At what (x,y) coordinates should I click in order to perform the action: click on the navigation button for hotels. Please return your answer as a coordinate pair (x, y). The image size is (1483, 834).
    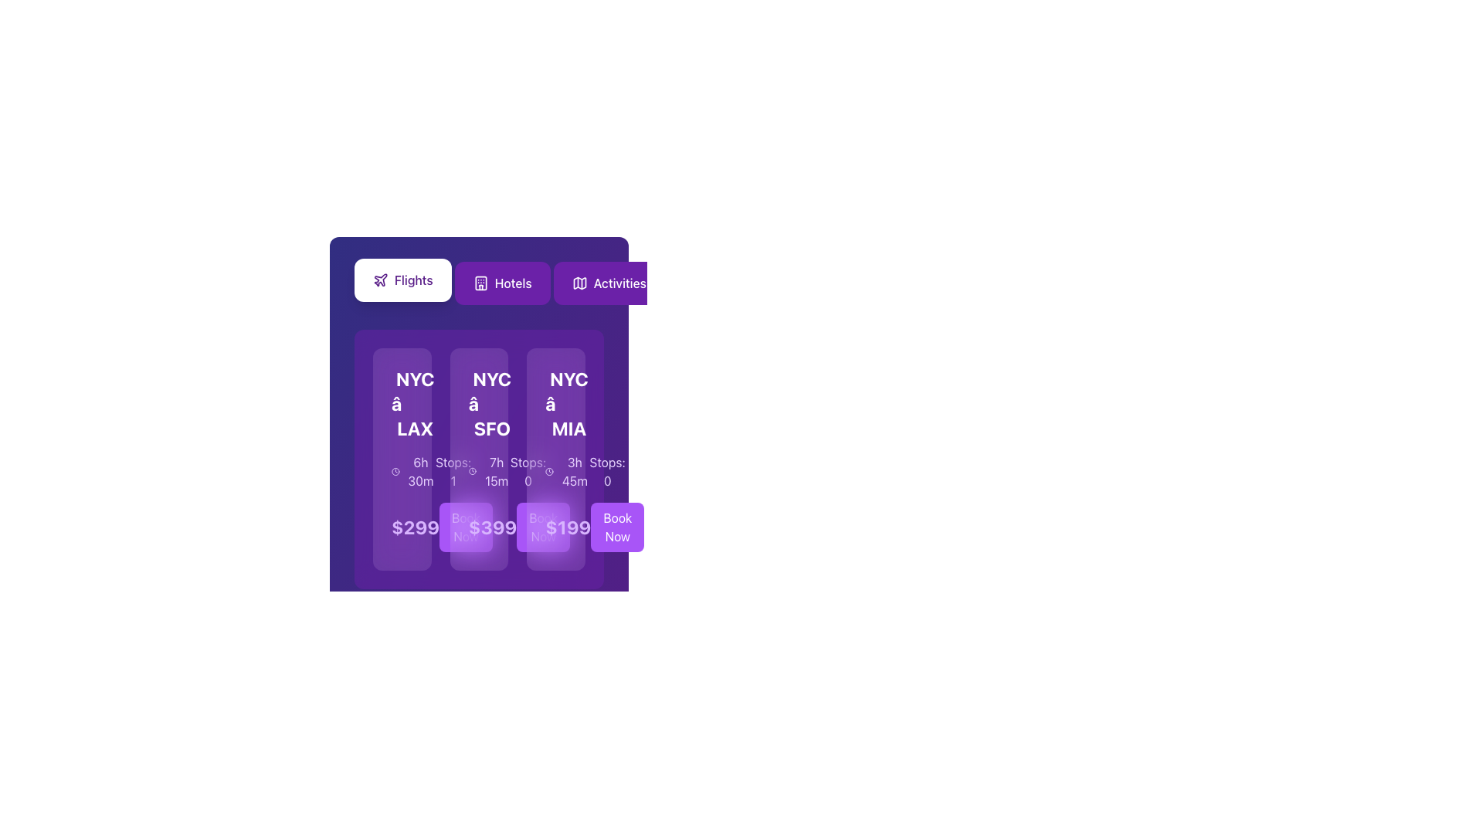
    Looking at the image, I should click on (502, 283).